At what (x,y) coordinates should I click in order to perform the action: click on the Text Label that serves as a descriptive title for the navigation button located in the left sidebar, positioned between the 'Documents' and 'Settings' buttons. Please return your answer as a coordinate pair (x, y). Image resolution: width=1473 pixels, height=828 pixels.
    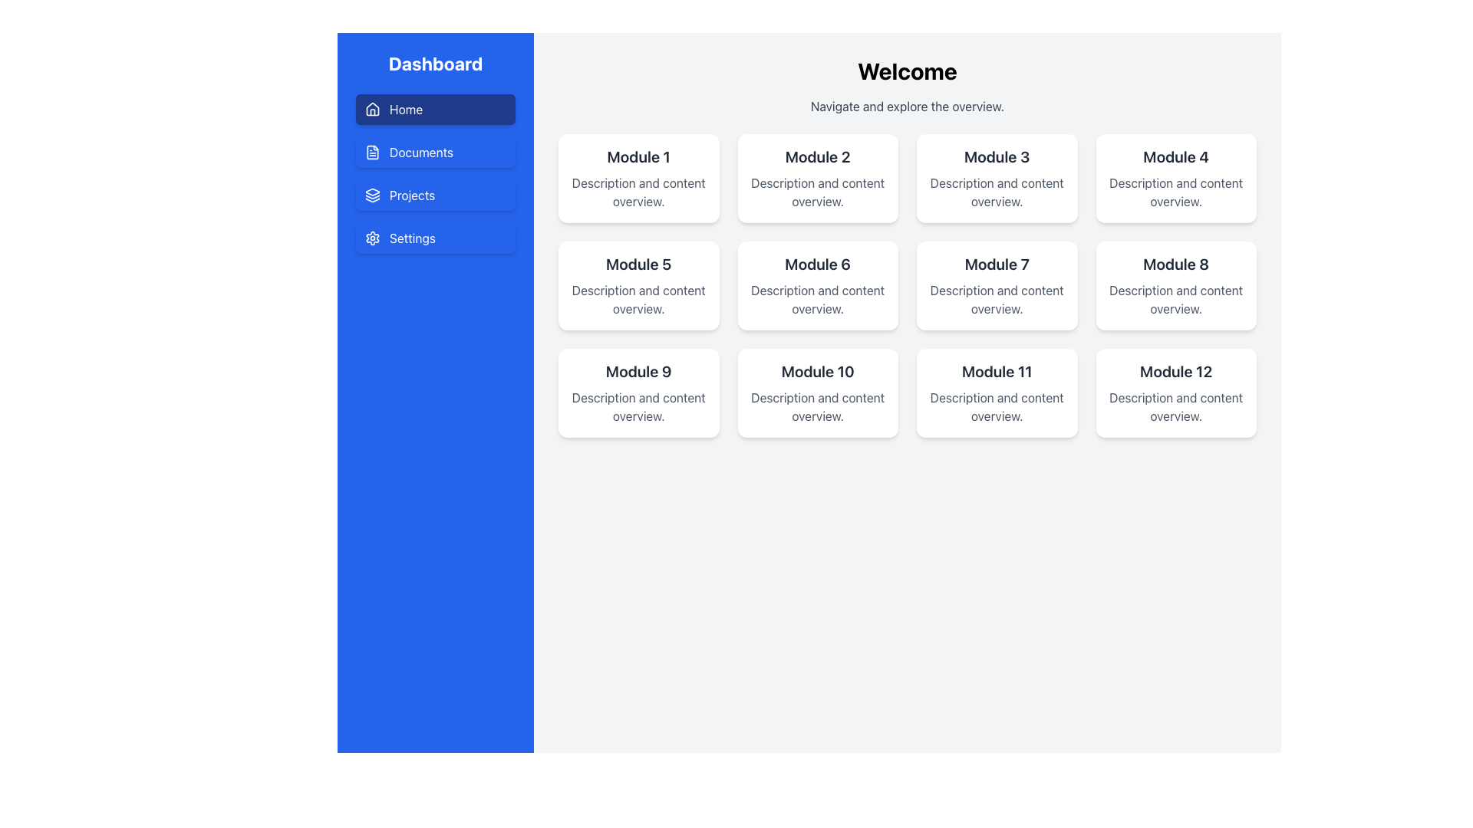
    Looking at the image, I should click on (412, 194).